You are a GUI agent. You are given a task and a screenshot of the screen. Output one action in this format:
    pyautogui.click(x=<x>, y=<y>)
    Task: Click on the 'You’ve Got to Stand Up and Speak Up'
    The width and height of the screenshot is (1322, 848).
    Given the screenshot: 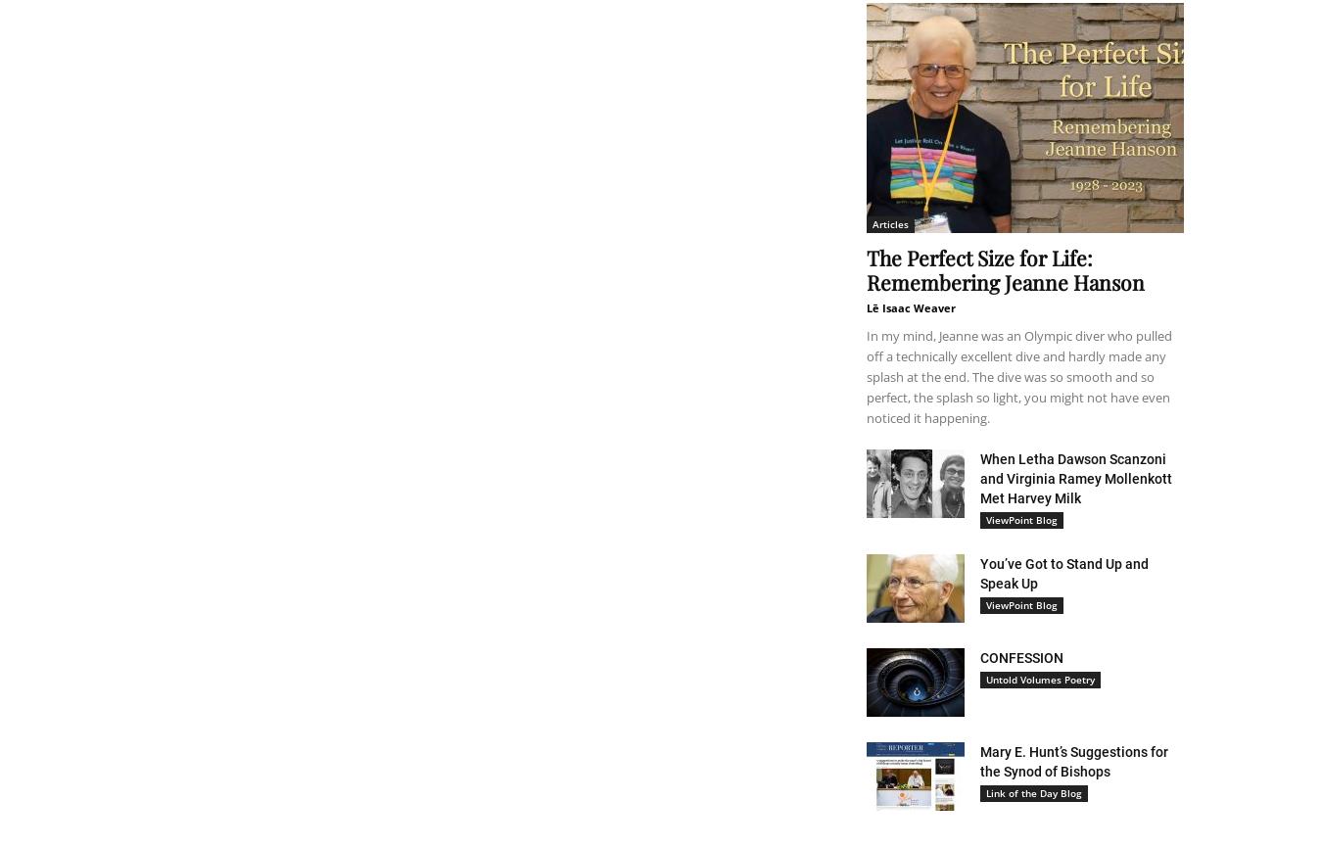 What is the action you would take?
    pyautogui.click(x=979, y=574)
    